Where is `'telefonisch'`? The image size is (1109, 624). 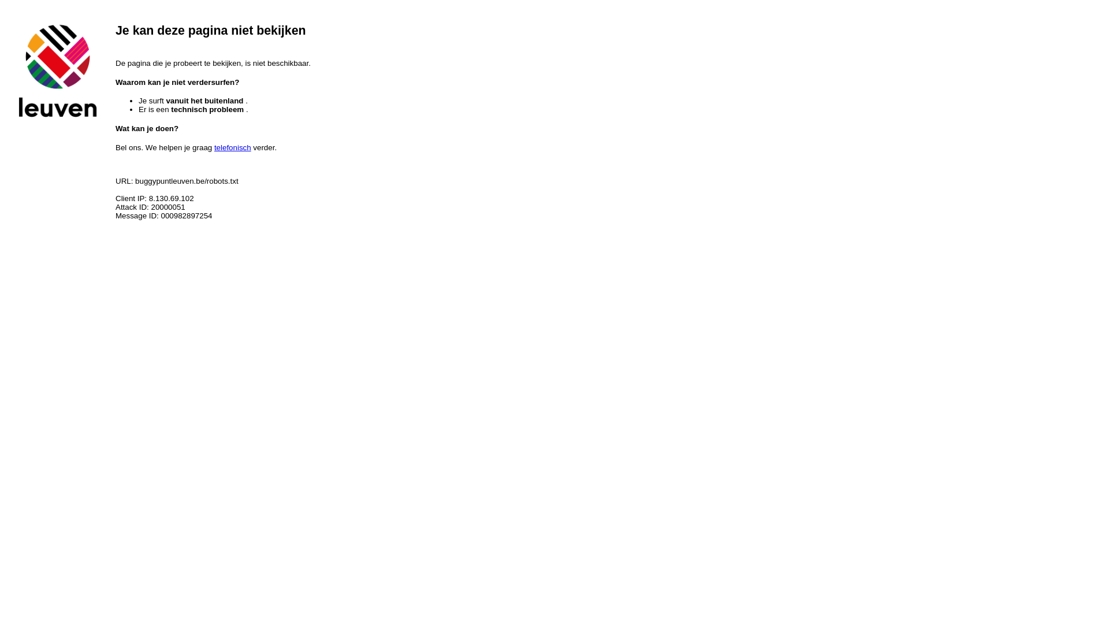
'telefonisch' is located at coordinates (232, 147).